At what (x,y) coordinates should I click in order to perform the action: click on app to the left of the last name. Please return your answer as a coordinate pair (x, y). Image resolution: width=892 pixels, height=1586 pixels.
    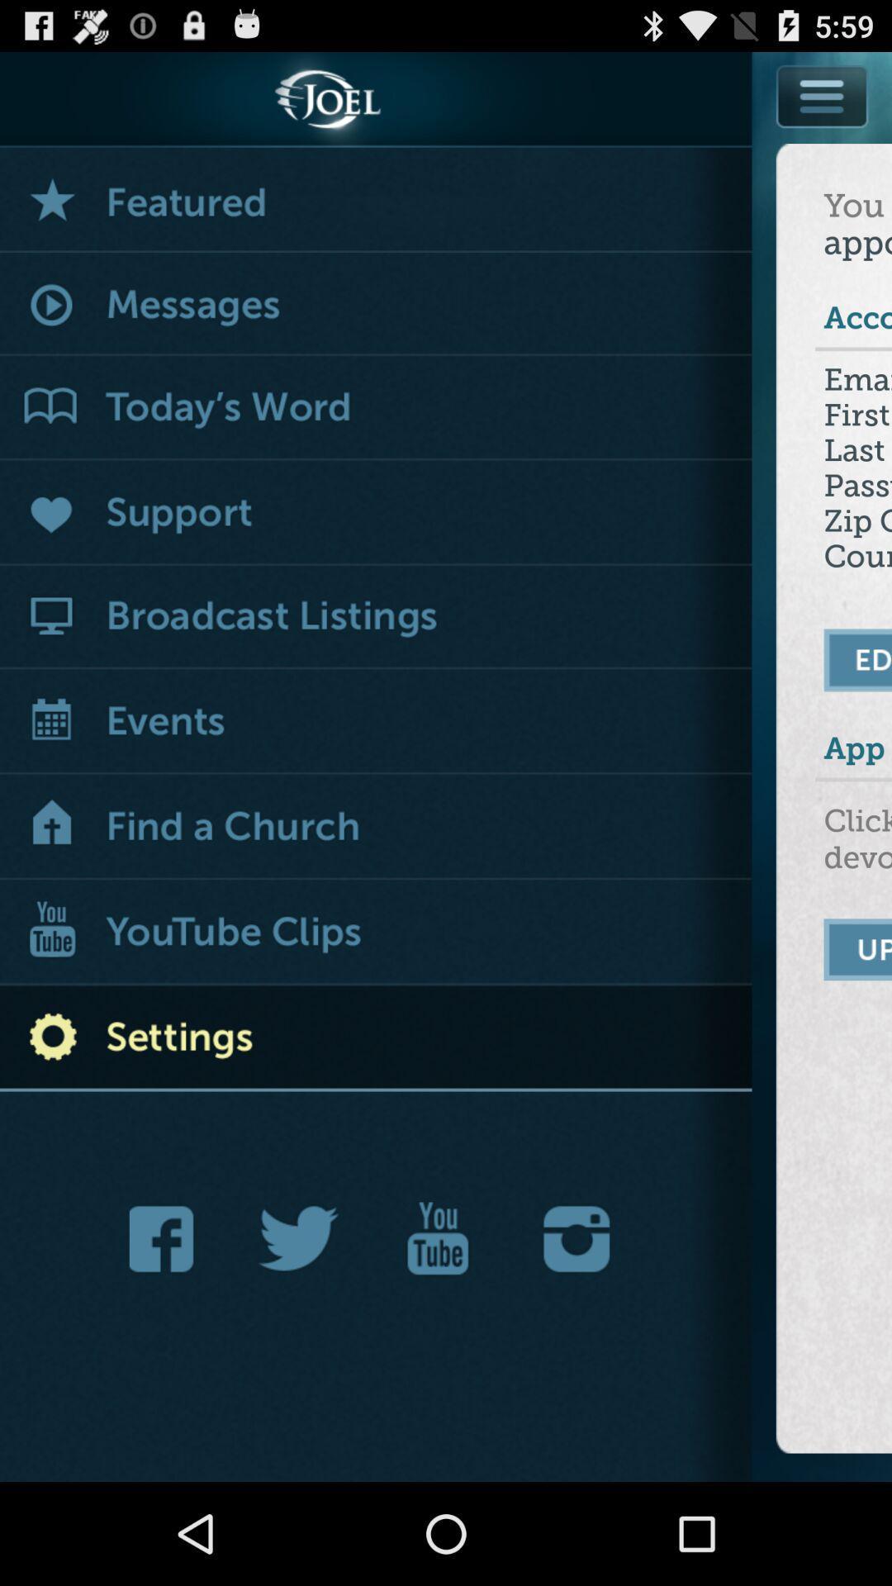
    Looking at the image, I should click on (376, 513).